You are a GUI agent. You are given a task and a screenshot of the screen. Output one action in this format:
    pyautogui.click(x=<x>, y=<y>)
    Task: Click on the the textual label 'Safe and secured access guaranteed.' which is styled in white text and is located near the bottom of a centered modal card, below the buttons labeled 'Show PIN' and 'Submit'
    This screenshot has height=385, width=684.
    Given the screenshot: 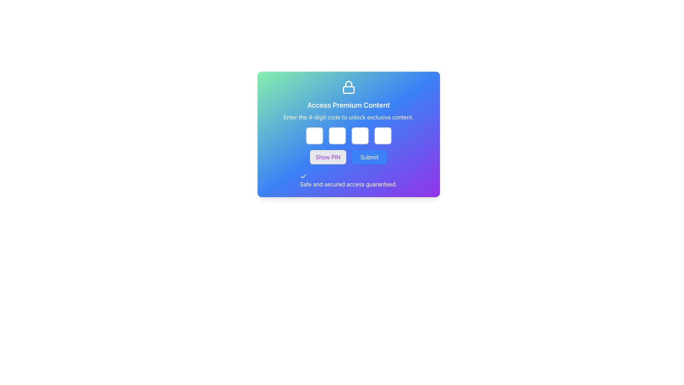 What is the action you would take?
    pyautogui.click(x=348, y=180)
    